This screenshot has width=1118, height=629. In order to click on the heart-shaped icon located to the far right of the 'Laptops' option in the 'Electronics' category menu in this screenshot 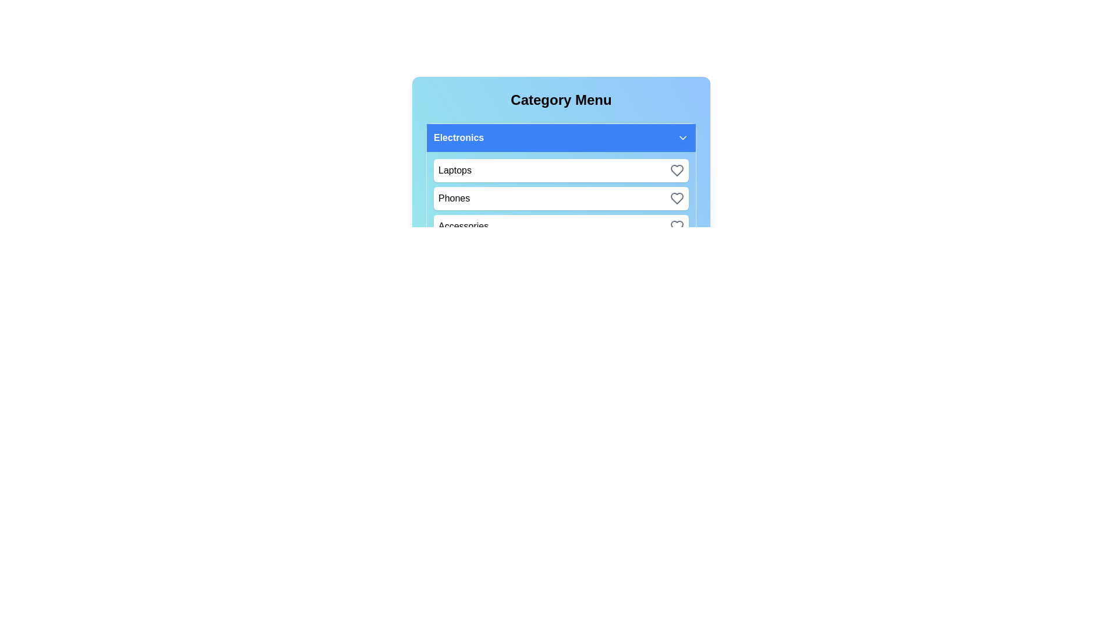, I will do `click(677, 171)`.